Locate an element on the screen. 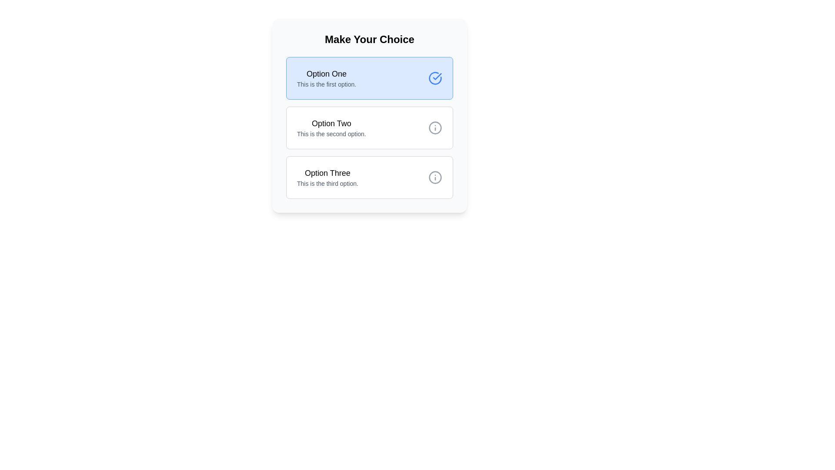 The height and width of the screenshot is (470, 835). the second selectable option in the 'Make Your Choice' list is located at coordinates (331, 128).